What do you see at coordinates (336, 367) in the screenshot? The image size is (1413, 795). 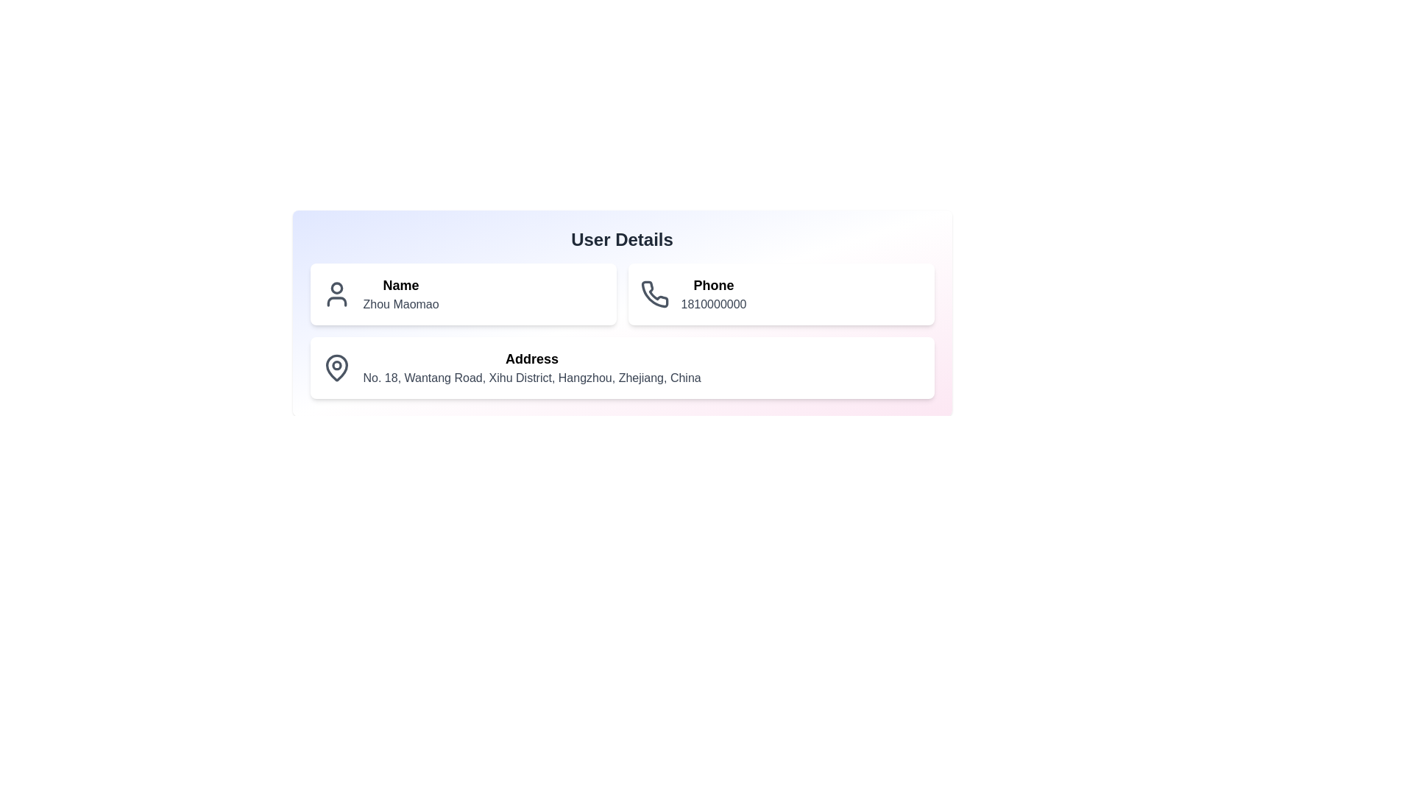 I see `the location pin icon in the 'Address' section, which is styled in gray and appears to the left of the address text` at bounding box center [336, 367].